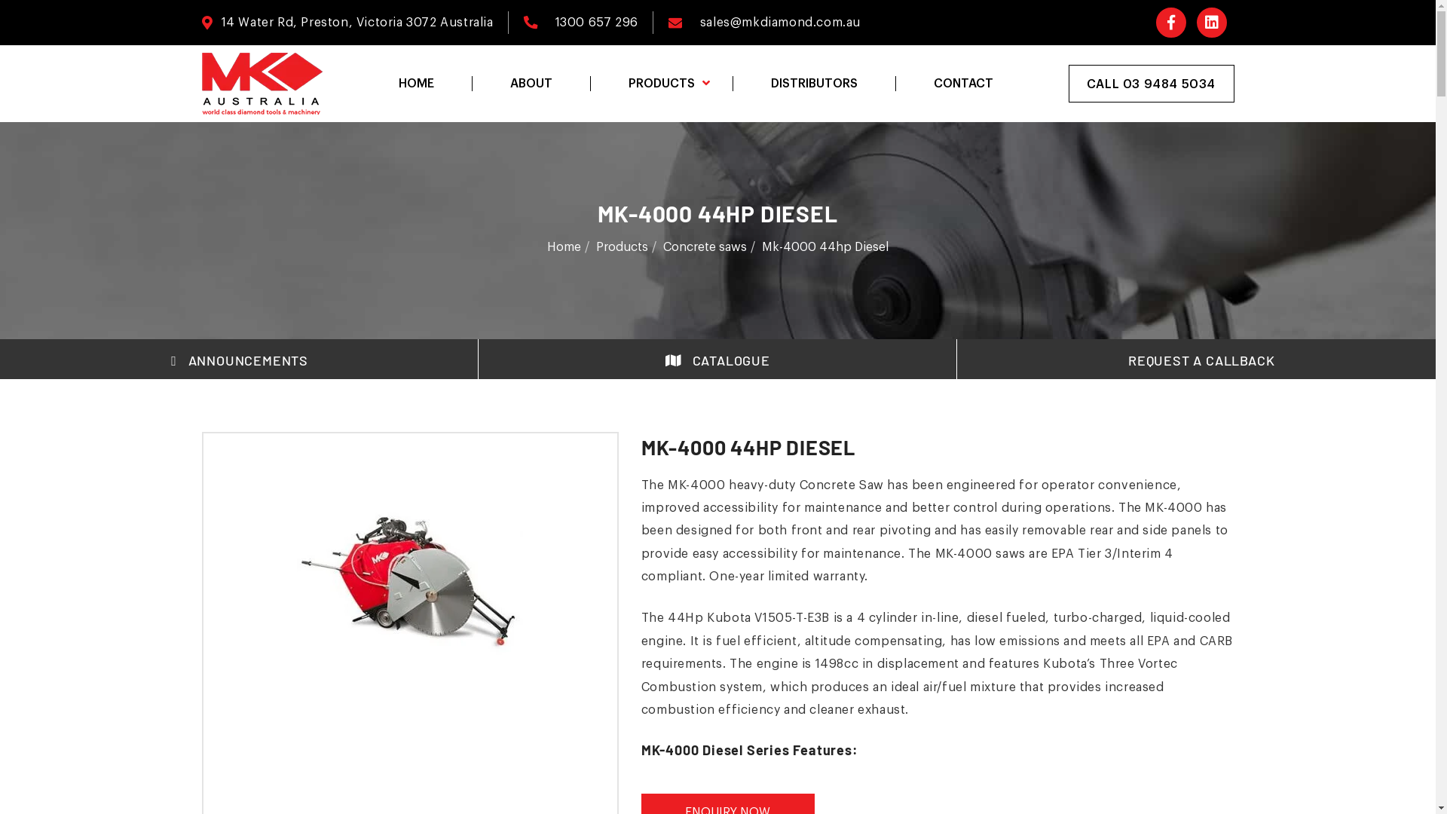 The width and height of the screenshot is (1447, 814). What do you see at coordinates (813, 84) in the screenshot?
I see `'DISTRIBUTORS'` at bounding box center [813, 84].